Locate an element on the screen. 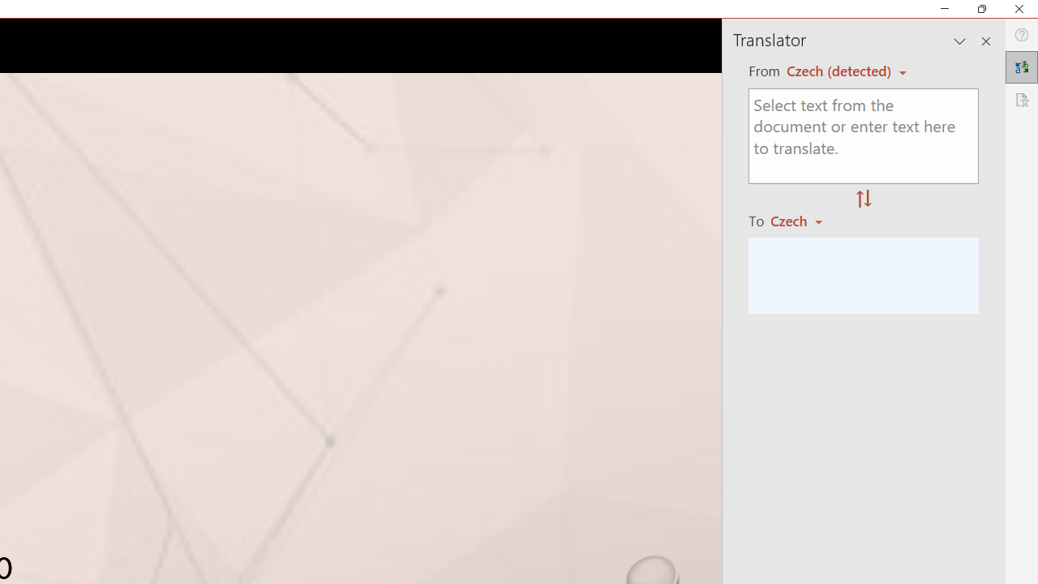 The height and width of the screenshot is (584, 1038). 'Czech (detected)' is located at coordinates (841, 70).